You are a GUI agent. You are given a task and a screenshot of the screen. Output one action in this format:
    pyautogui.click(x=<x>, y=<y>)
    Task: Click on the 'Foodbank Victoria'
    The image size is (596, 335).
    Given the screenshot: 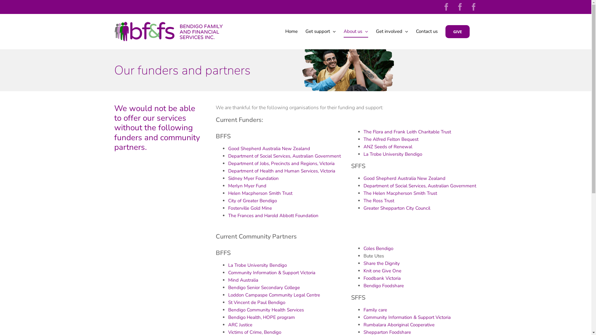 What is the action you would take?
    pyautogui.click(x=382, y=278)
    